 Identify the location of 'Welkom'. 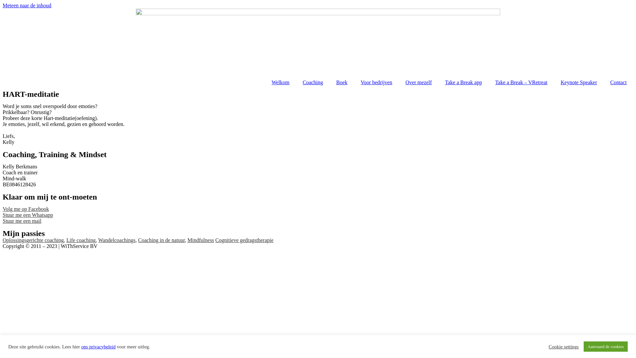
(280, 82).